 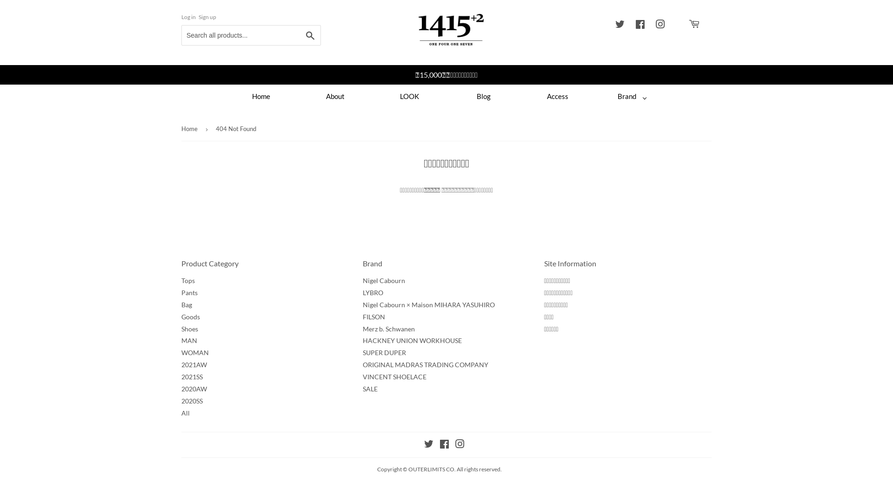 I want to click on 'Bag', so click(x=186, y=304).